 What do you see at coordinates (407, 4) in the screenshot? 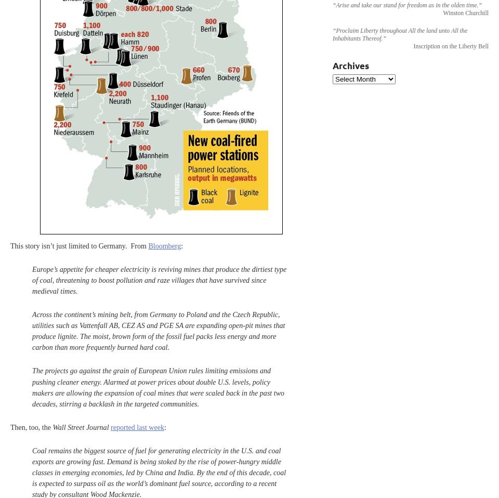
I see `'“Arise and take our stand for freedom as in the olden time.”'` at bounding box center [407, 4].